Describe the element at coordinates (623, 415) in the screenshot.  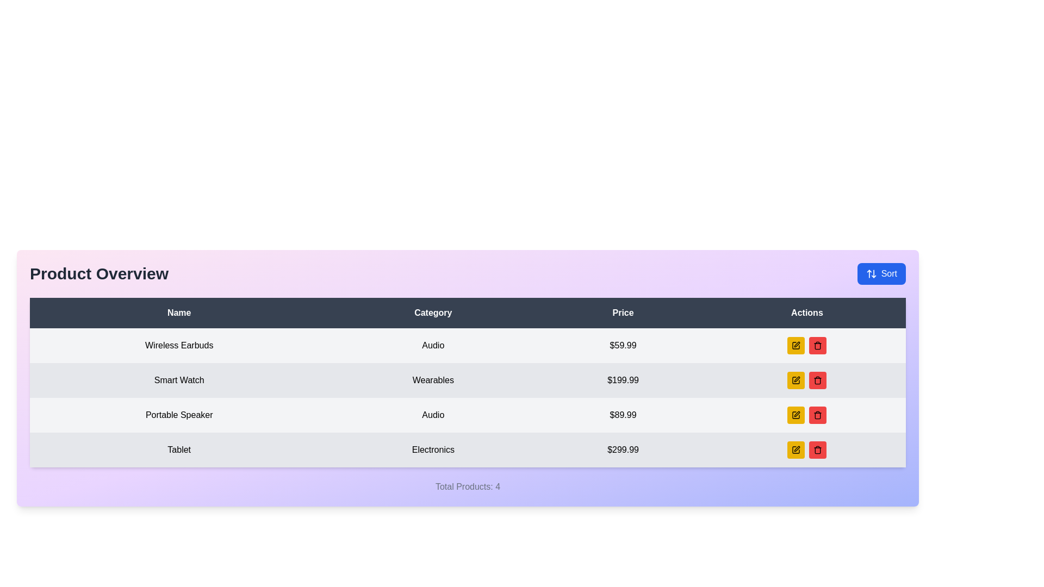
I see `the Text Label displaying the price of the 'Portable Speaker' located in the 'Price' column of its row` at that location.